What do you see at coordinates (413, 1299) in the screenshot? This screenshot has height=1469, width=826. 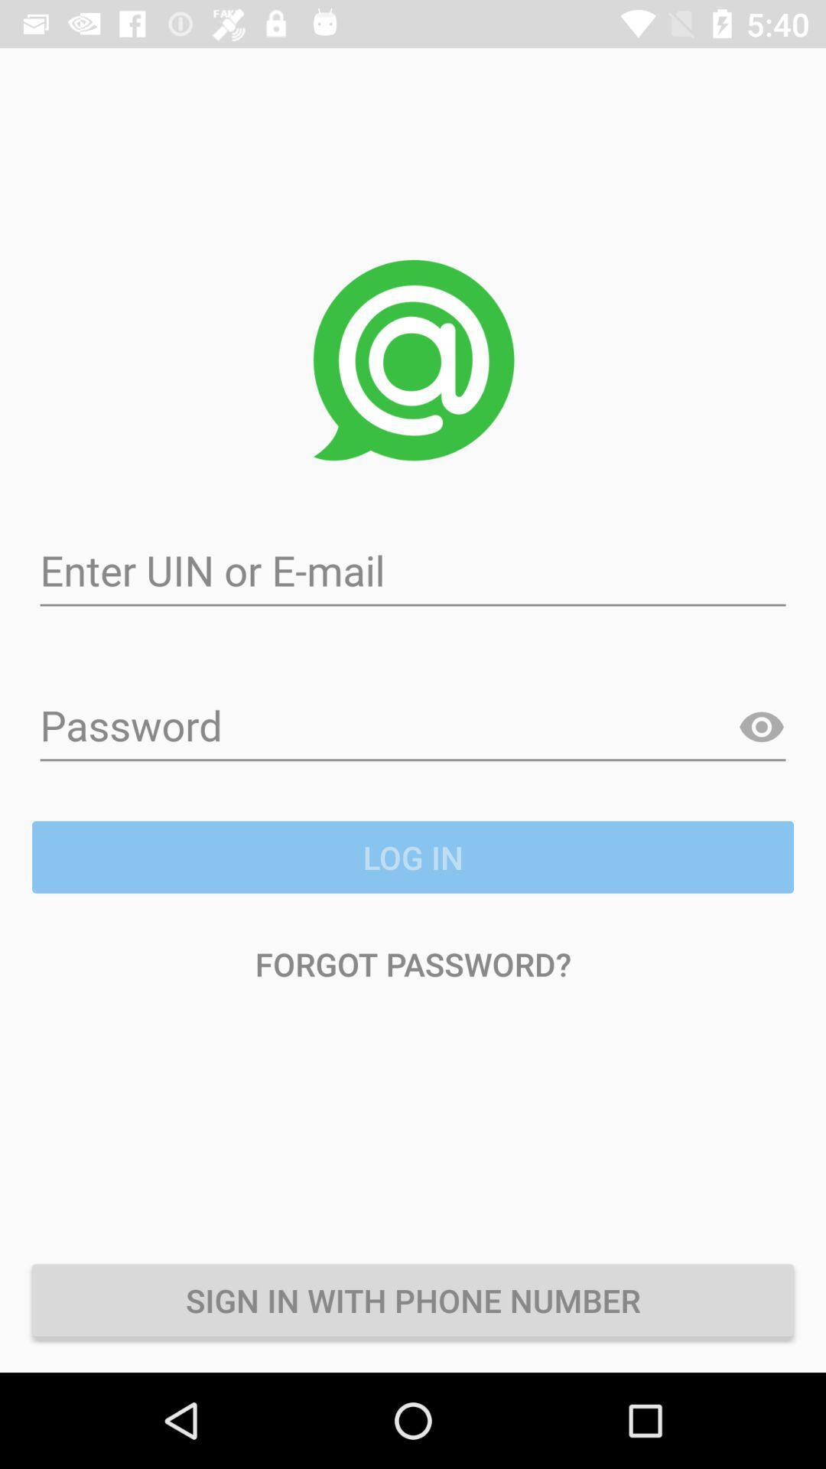 I see `icon below the forgot password?` at bounding box center [413, 1299].